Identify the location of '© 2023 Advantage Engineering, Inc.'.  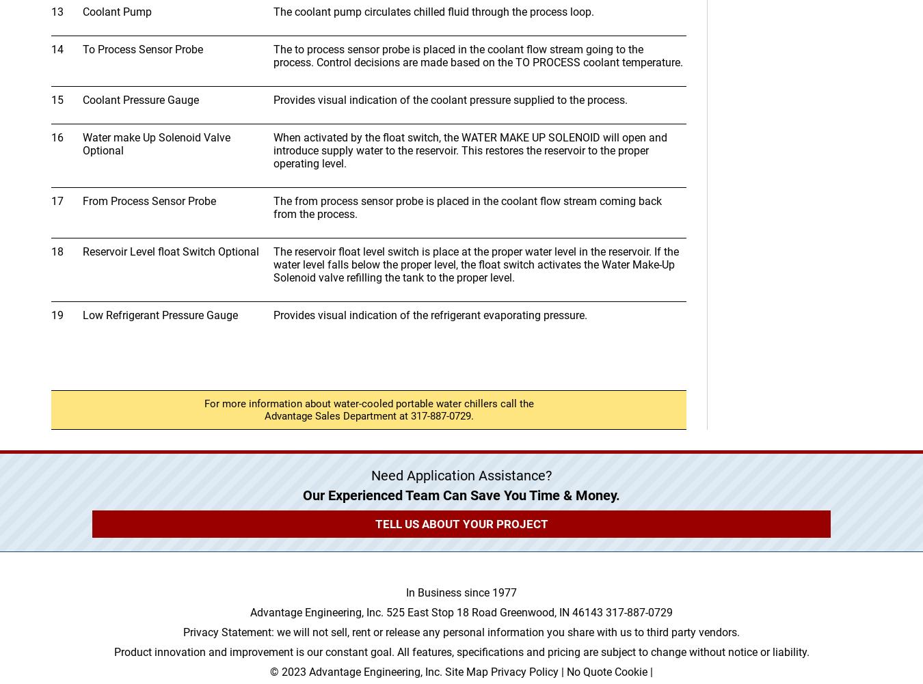
(356, 671).